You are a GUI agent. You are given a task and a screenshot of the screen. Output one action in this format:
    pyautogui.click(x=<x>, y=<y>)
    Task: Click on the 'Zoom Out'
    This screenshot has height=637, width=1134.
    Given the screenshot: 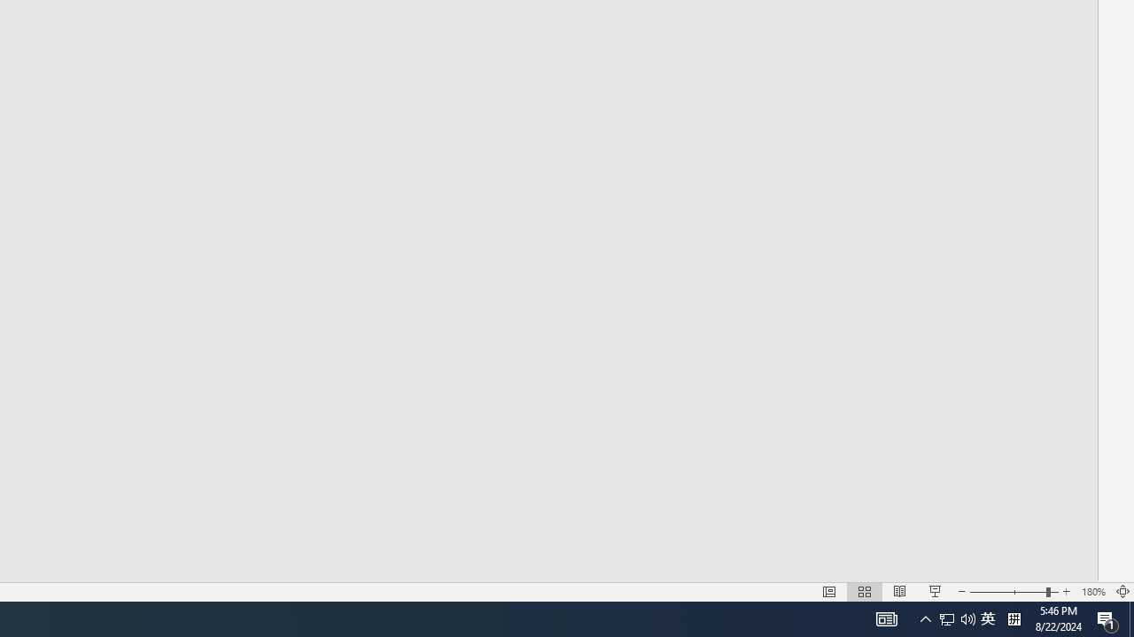 What is the action you would take?
    pyautogui.click(x=1007, y=592)
    